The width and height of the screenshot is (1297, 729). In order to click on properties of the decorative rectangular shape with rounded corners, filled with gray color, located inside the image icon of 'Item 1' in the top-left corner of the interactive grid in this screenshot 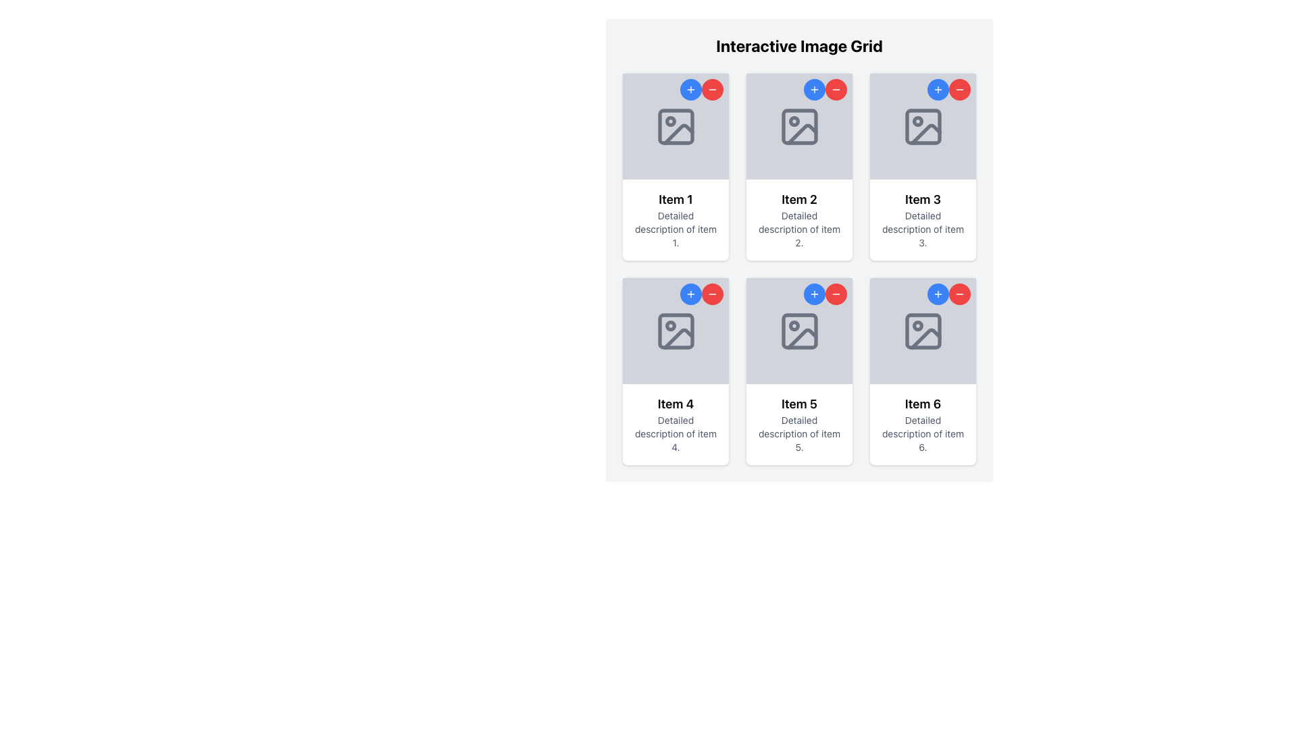, I will do `click(676, 126)`.